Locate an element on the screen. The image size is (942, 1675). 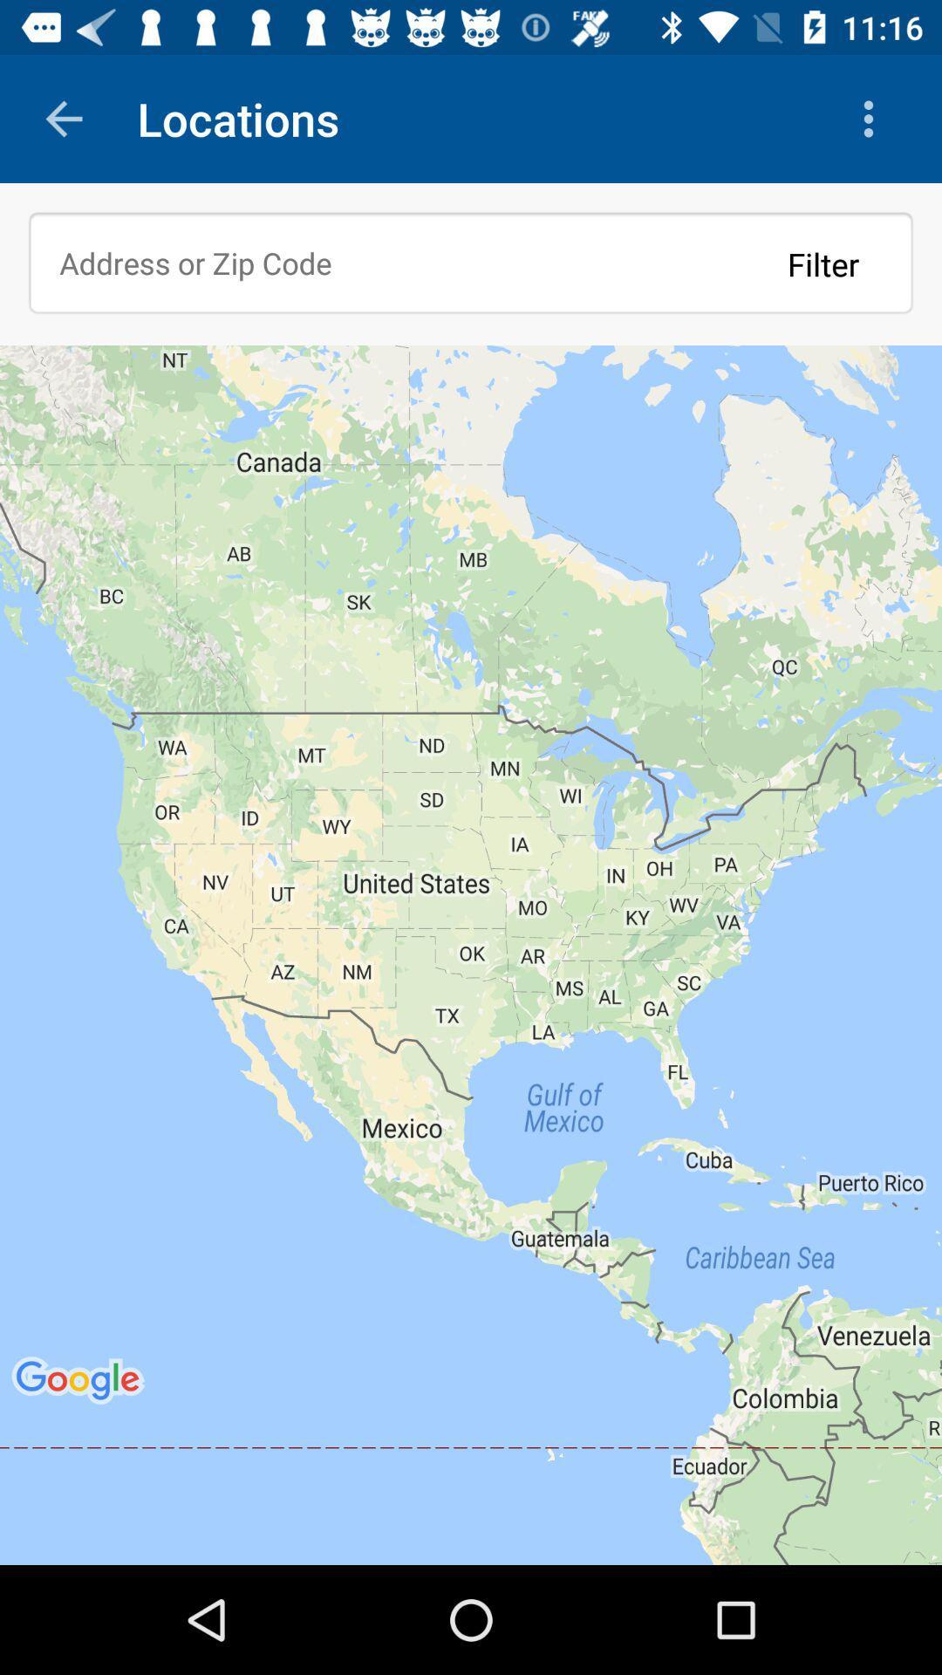
filter icon is located at coordinates (823, 263).